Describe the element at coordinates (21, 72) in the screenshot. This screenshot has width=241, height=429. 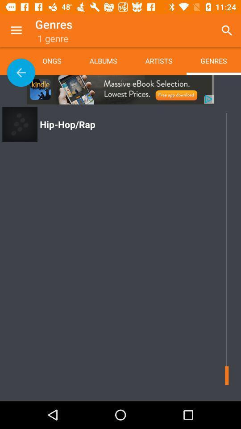
I see `icon next to the songs app` at that location.